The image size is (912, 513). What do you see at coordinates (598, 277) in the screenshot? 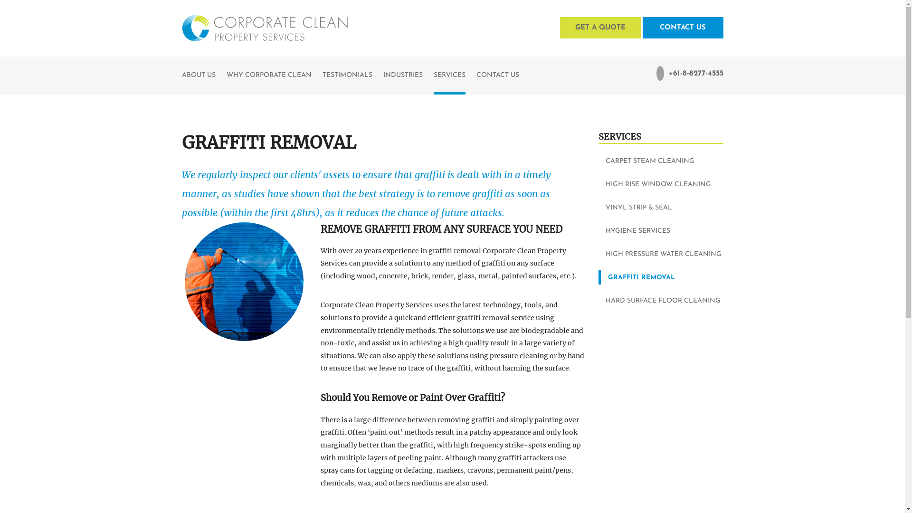
I see `'GRAFFITI REMOVAL'` at bounding box center [598, 277].